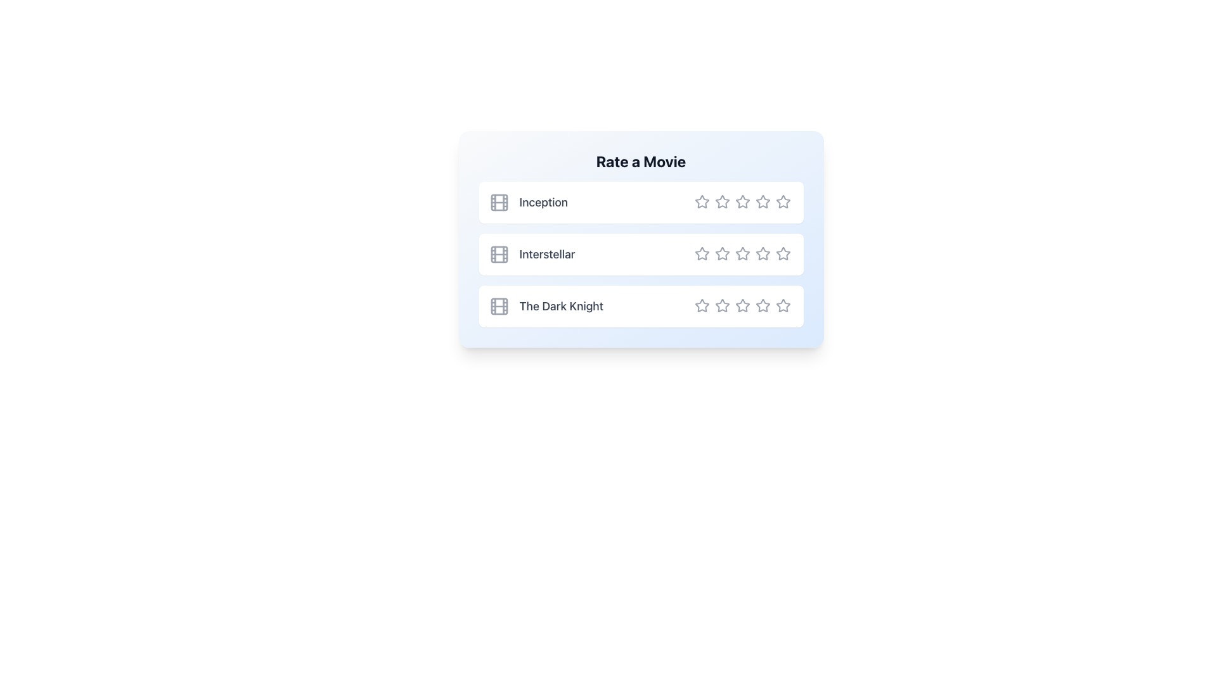 This screenshot has height=684, width=1217. What do you see at coordinates (742, 305) in the screenshot?
I see `the third star icon in the movie rating interface for 'The Dark Knight'` at bounding box center [742, 305].